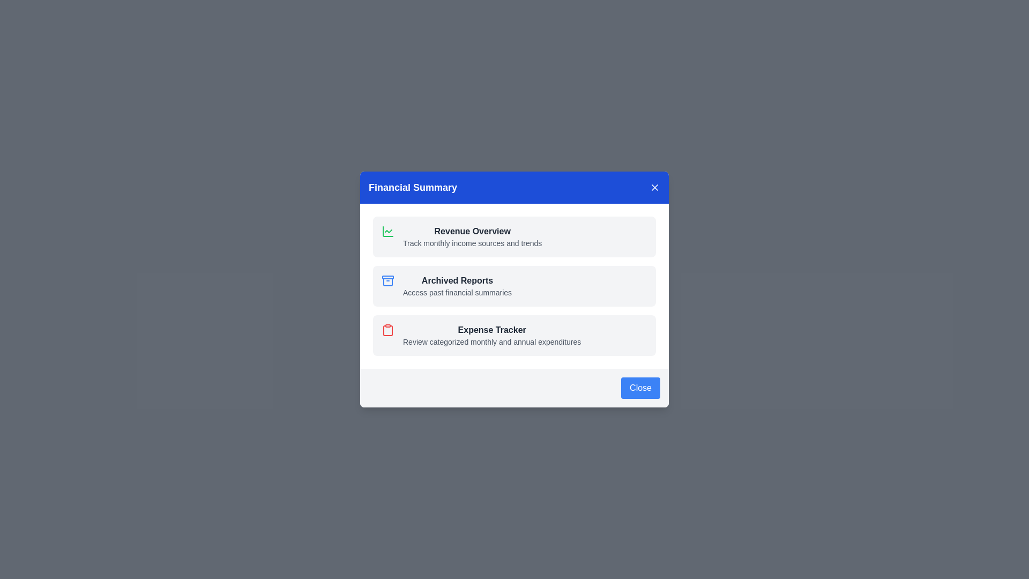 The image size is (1029, 579). What do you see at coordinates (491, 335) in the screenshot?
I see `the Expense Tracker section in the Financial Summary dialog` at bounding box center [491, 335].